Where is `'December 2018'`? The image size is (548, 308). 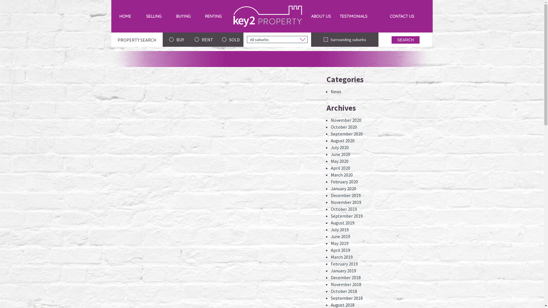 'December 2018' is located at coordinates (345, 277).